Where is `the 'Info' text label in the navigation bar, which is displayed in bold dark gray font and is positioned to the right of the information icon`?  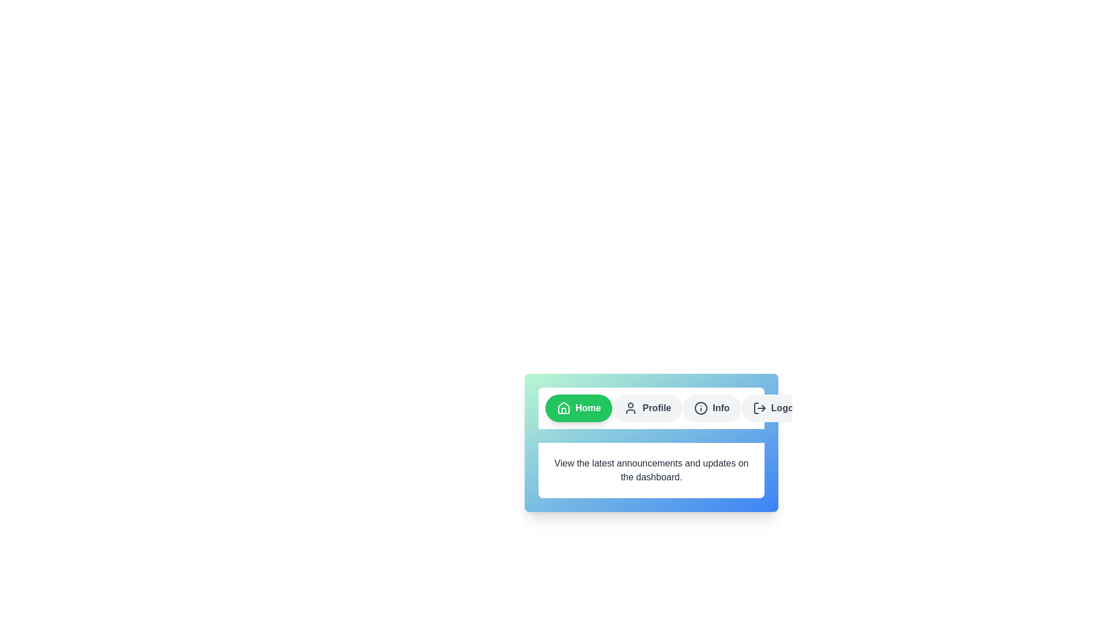 the 'Info' text label in the navigation bar, which is displayed in bold dark gray font and is positioned to the right of the information icon is located at coordinates (720, 408).